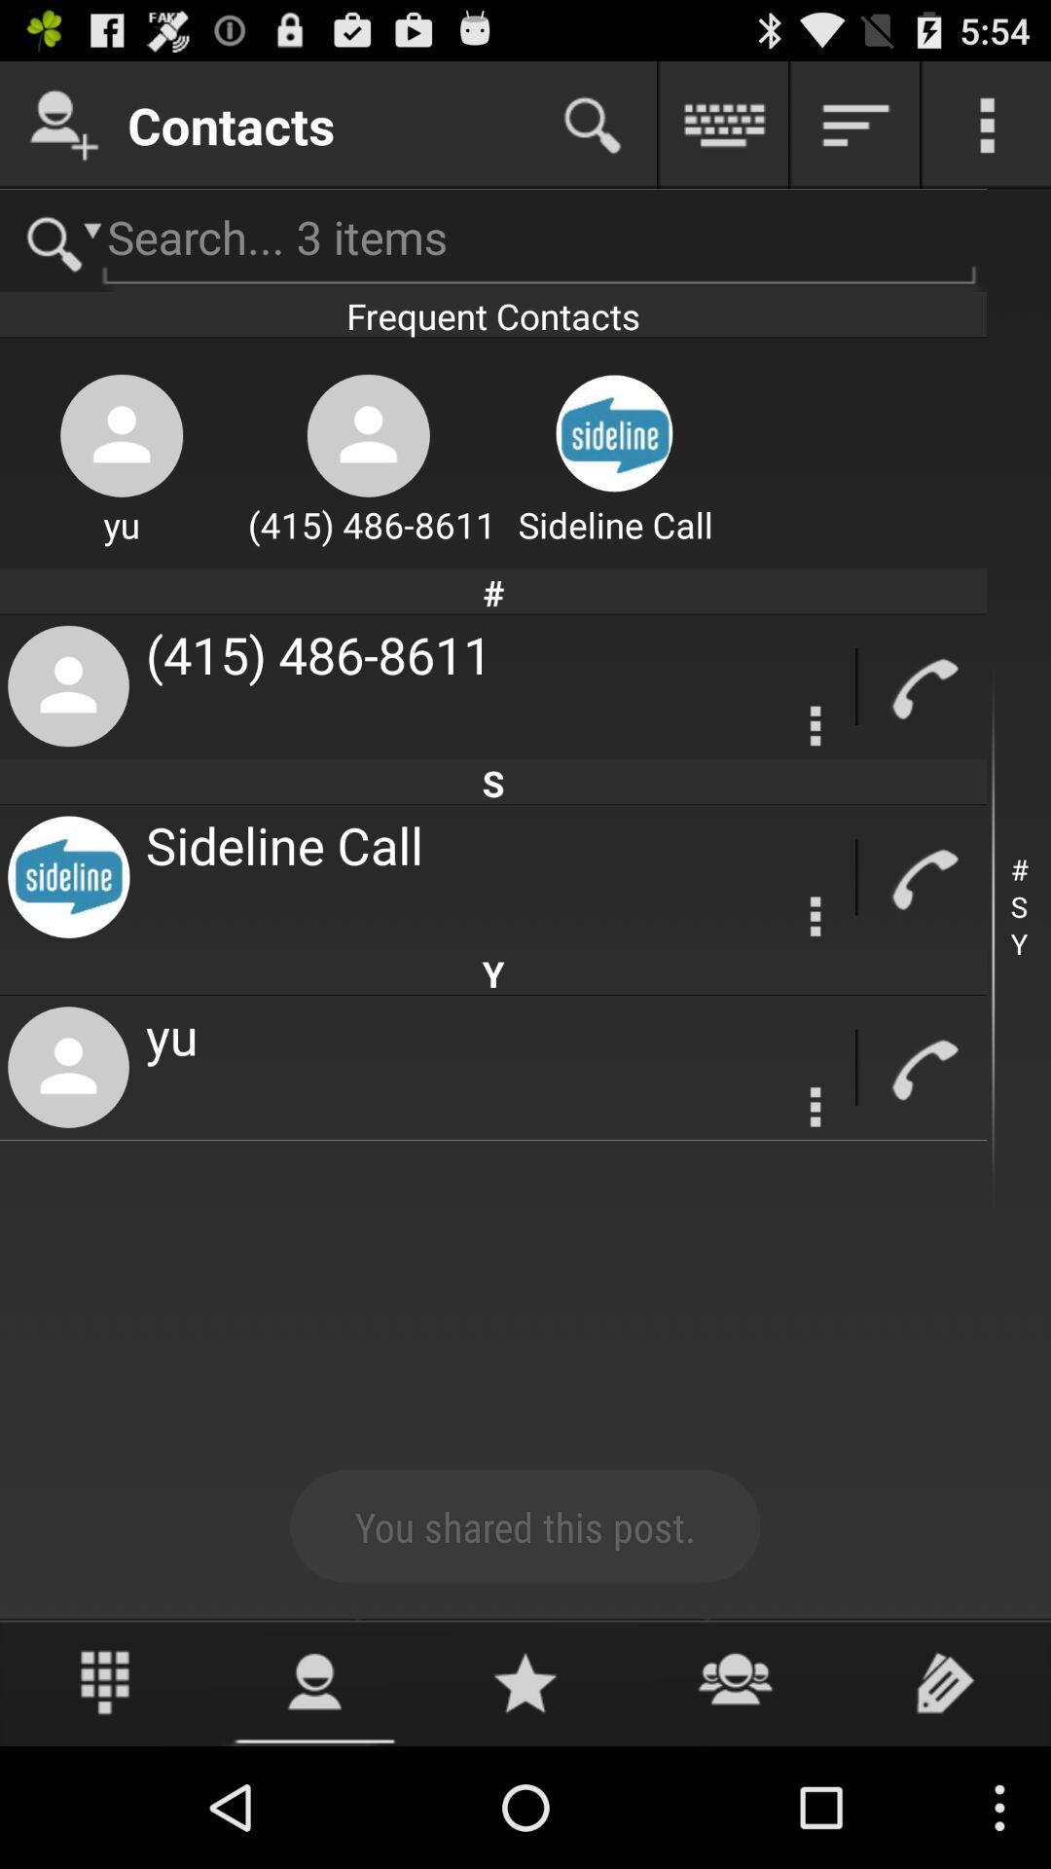 The width and height of the screenshot is (1051, 1869). I want to click on search page, so click(592, 124).